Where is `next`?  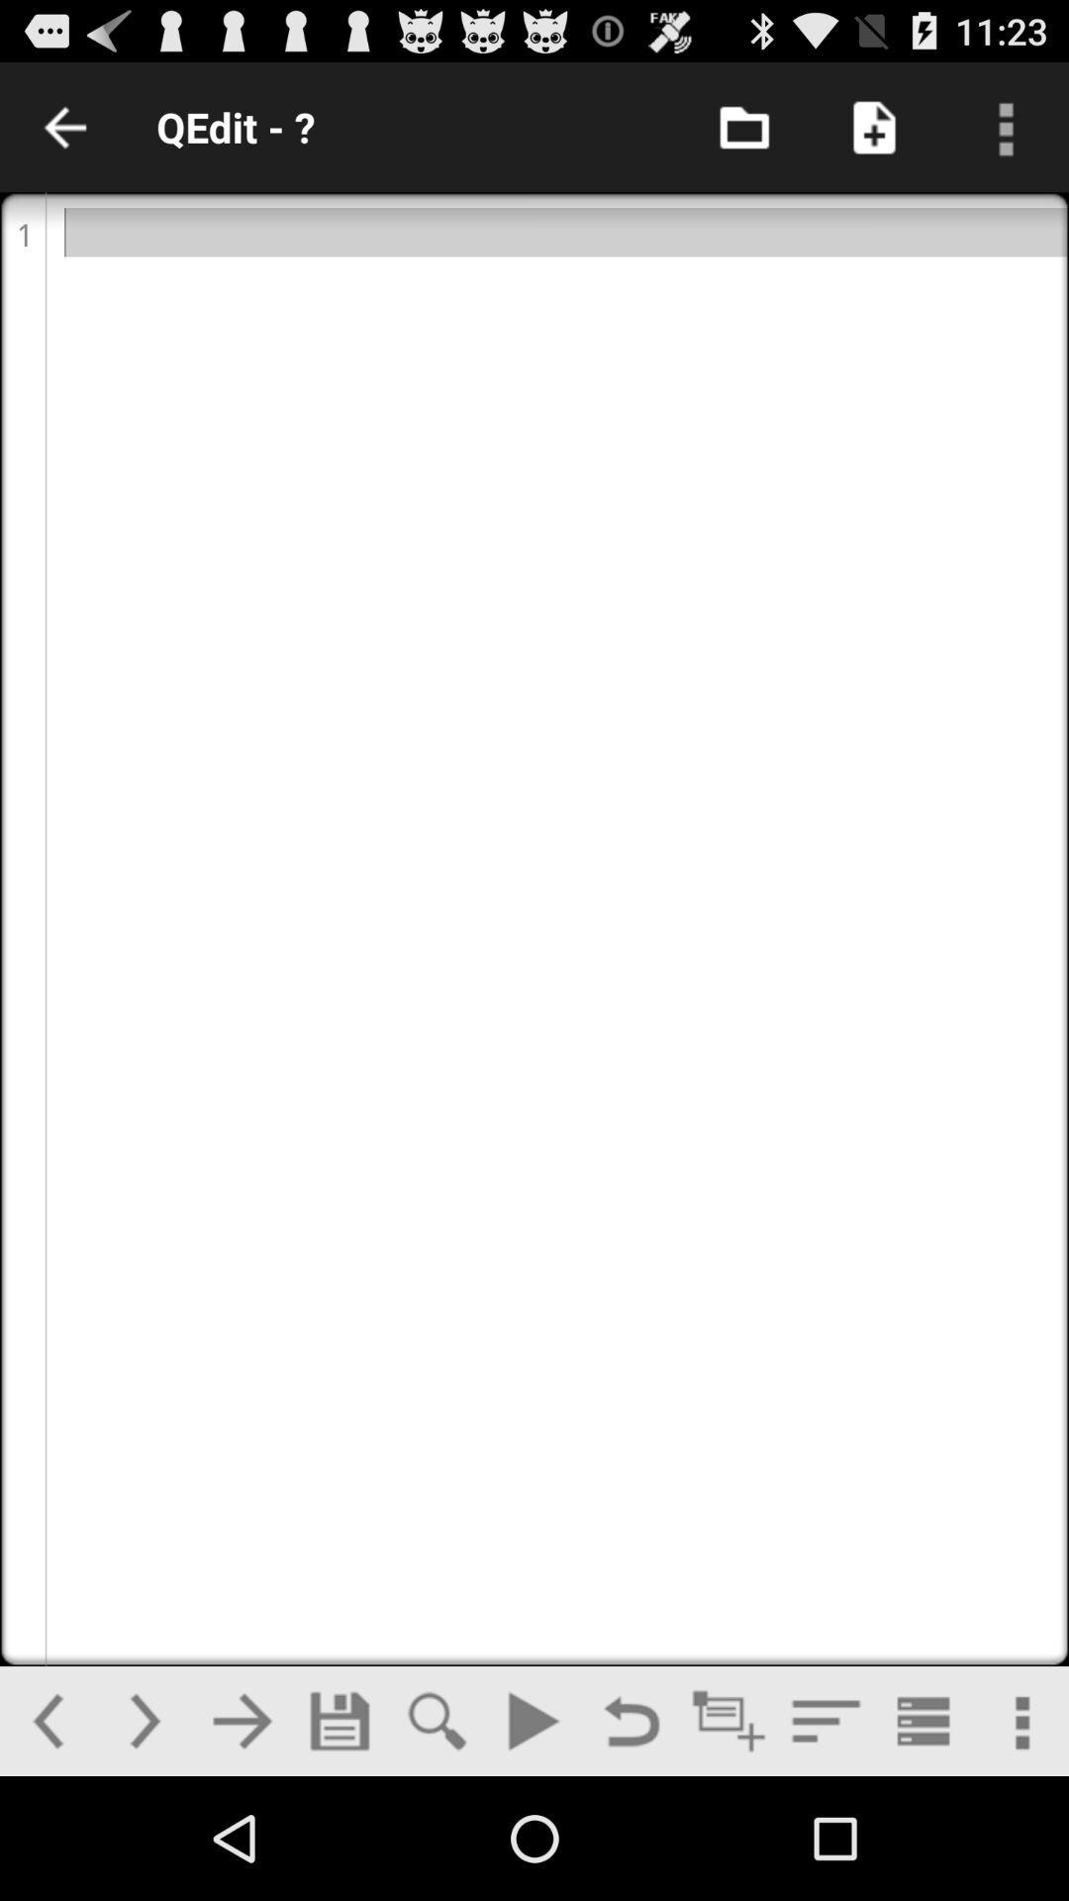
next is located at coordinates (241, 1720).